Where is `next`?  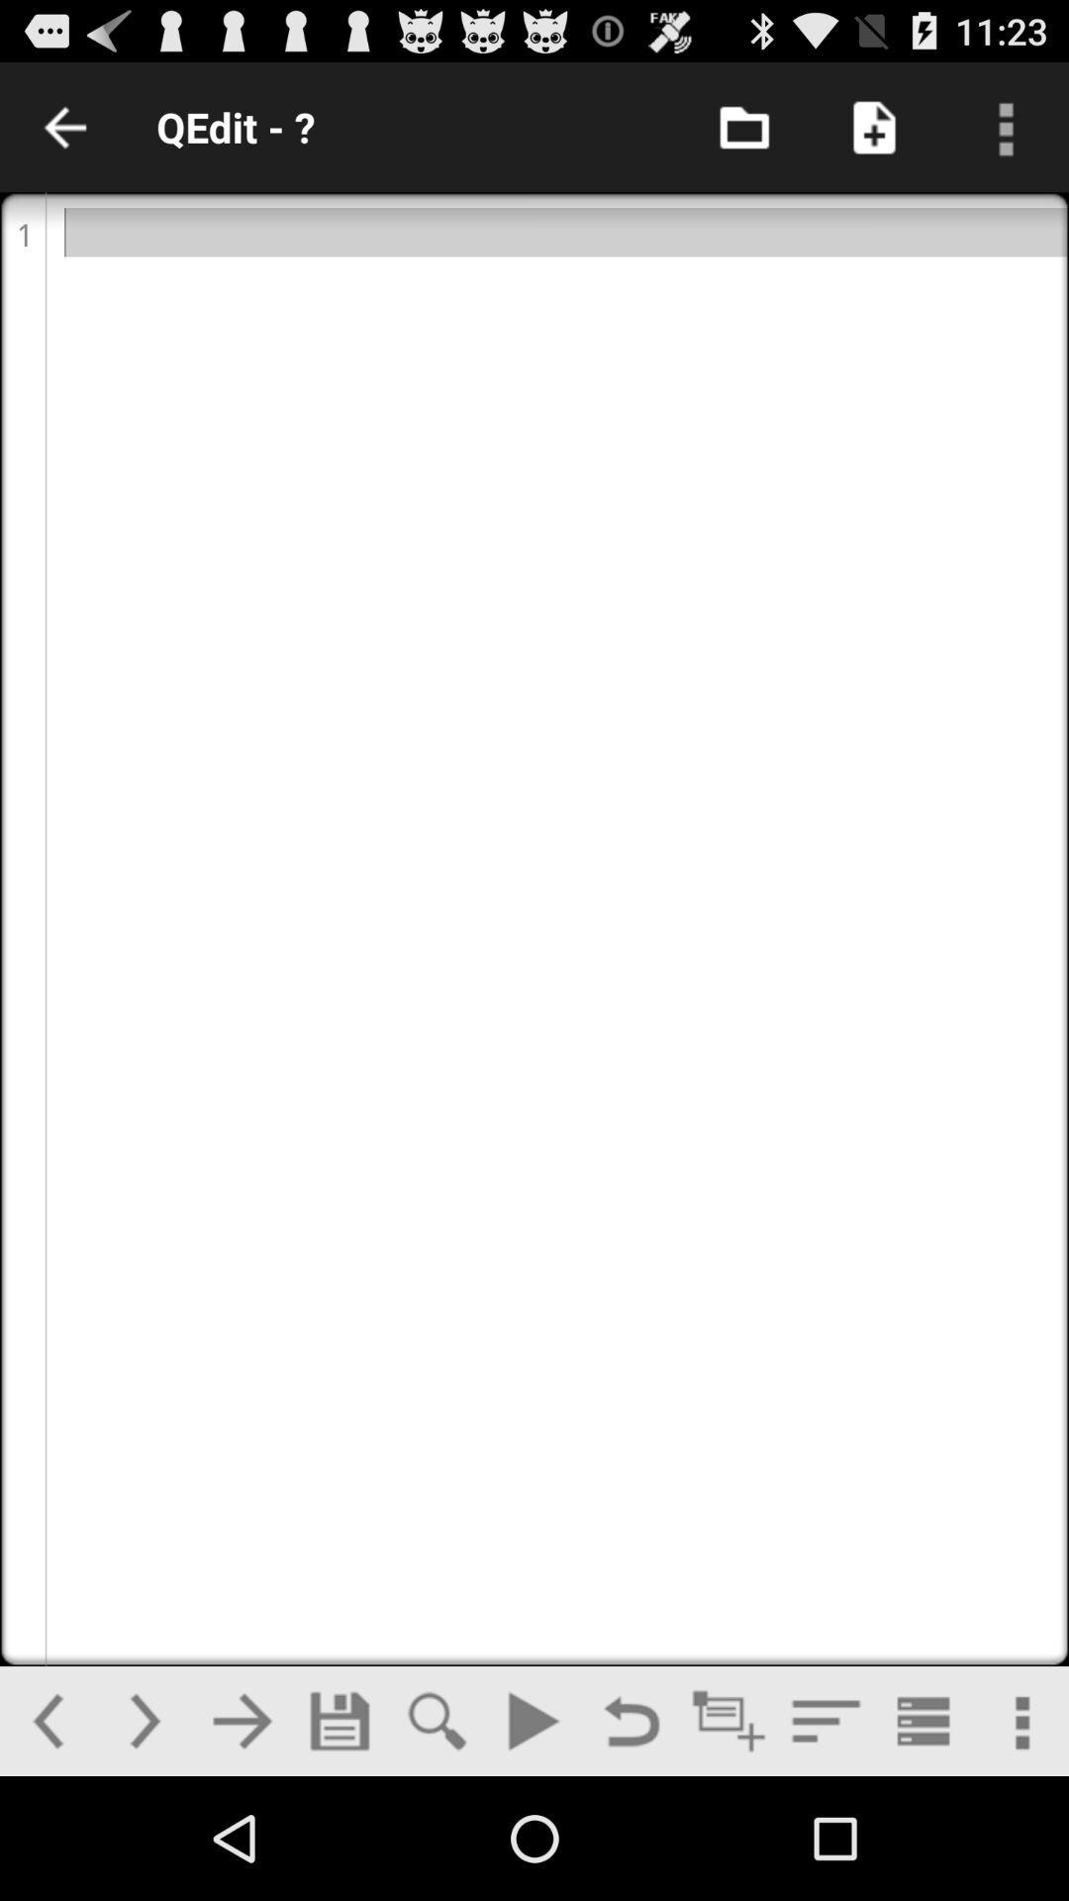
next is located at coordinates (241, 1720).